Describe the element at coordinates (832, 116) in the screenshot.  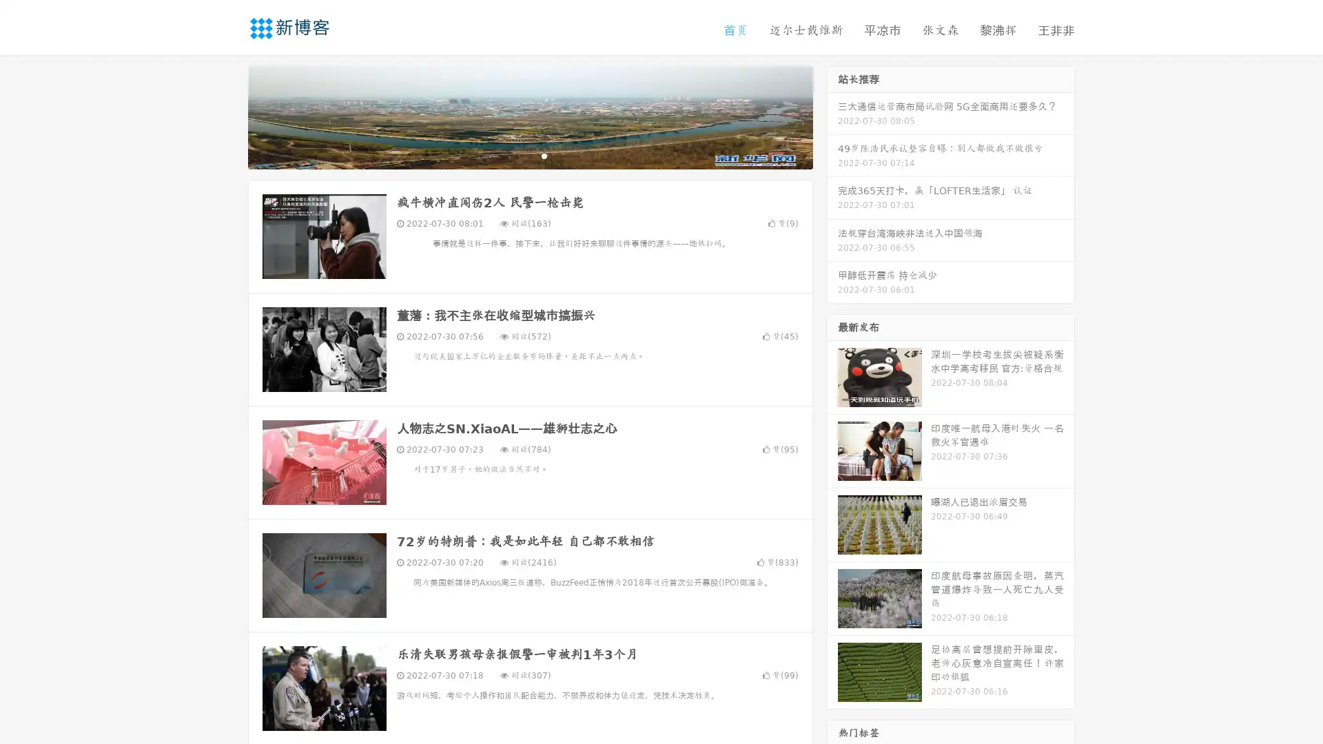
I see `Next slide` at that location.